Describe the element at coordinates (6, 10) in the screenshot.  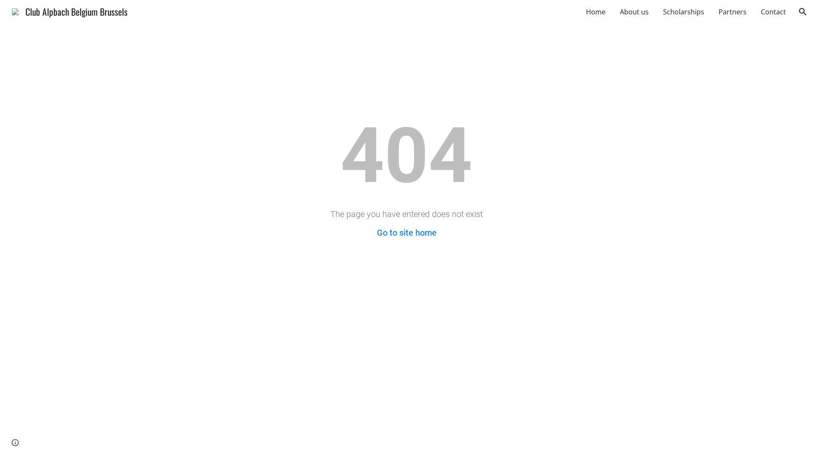
I see `'Club Alpbach Belgium Brussels'` at that location.